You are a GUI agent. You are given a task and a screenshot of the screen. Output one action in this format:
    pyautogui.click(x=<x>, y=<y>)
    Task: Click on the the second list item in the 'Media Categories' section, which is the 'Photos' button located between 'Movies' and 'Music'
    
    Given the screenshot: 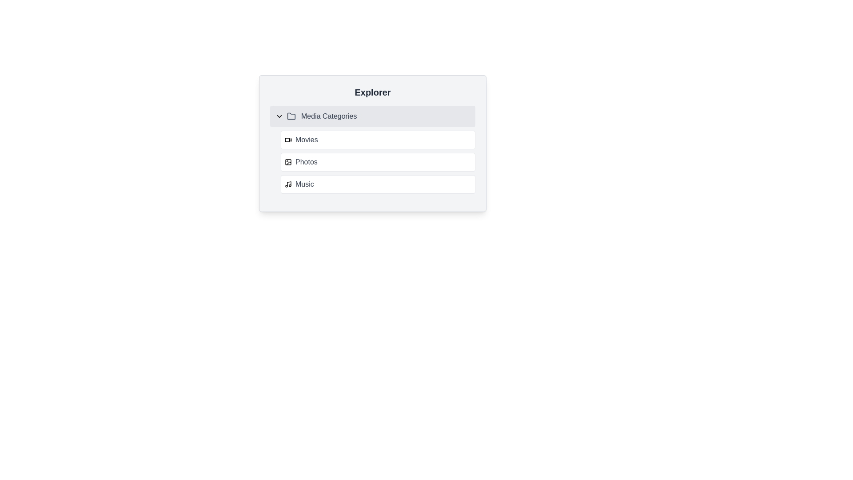 What is the action you would take?
    pyautogui.click(x=378, y=162)
    